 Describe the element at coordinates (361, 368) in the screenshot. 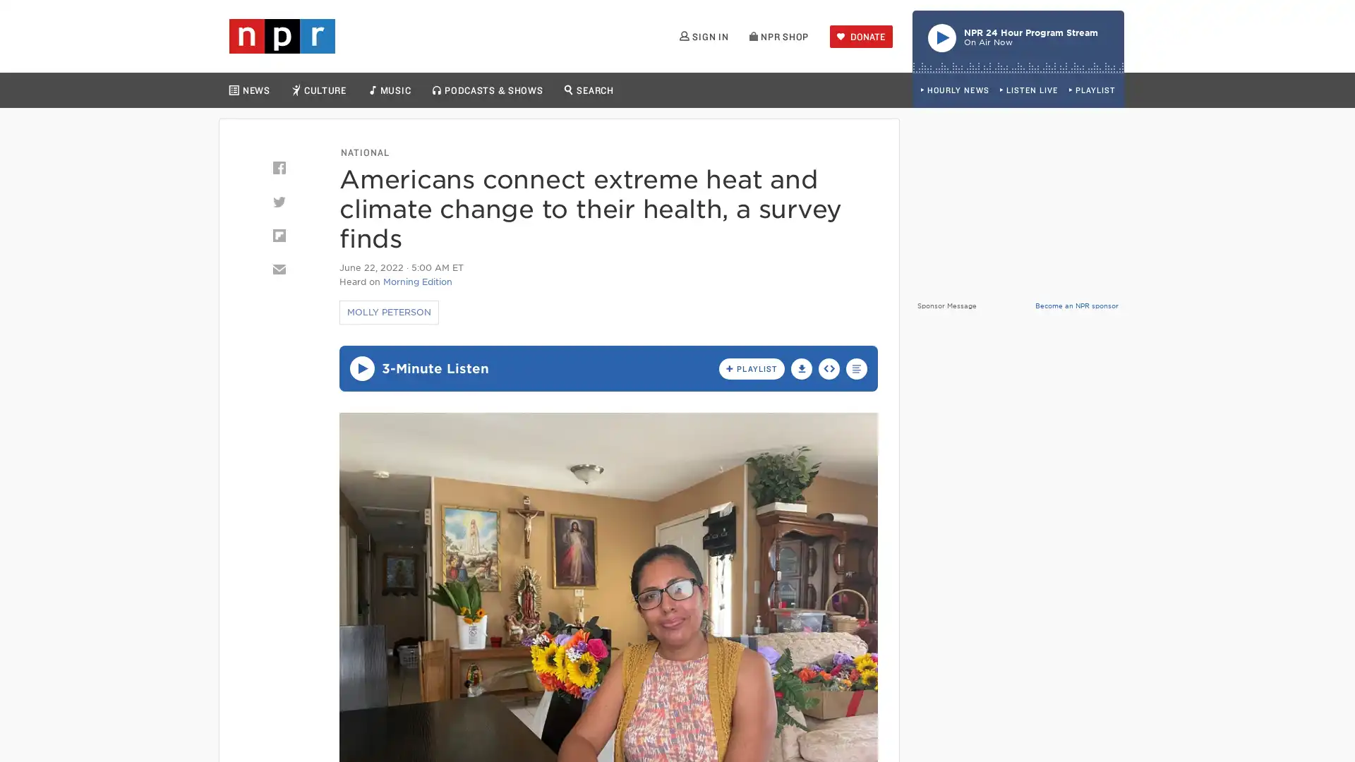

I see `LISTEN 3:29` at that location.